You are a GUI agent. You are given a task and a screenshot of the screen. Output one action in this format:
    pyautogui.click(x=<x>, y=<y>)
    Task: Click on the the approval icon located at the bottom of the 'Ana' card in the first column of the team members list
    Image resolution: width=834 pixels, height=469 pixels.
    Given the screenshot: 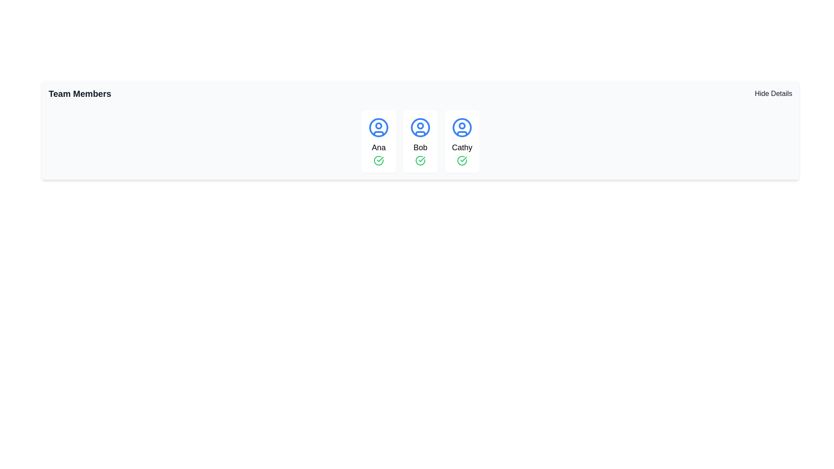 What is the action you would take?
    pyautogui.click(x=379, y=161)
    